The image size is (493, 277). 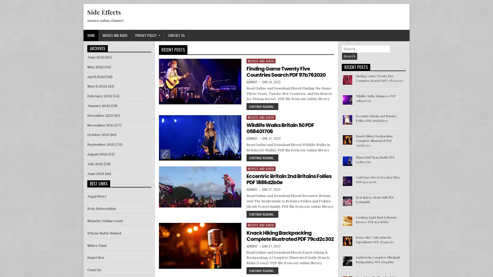 I want to click on Search, so click(x=349, y=56).